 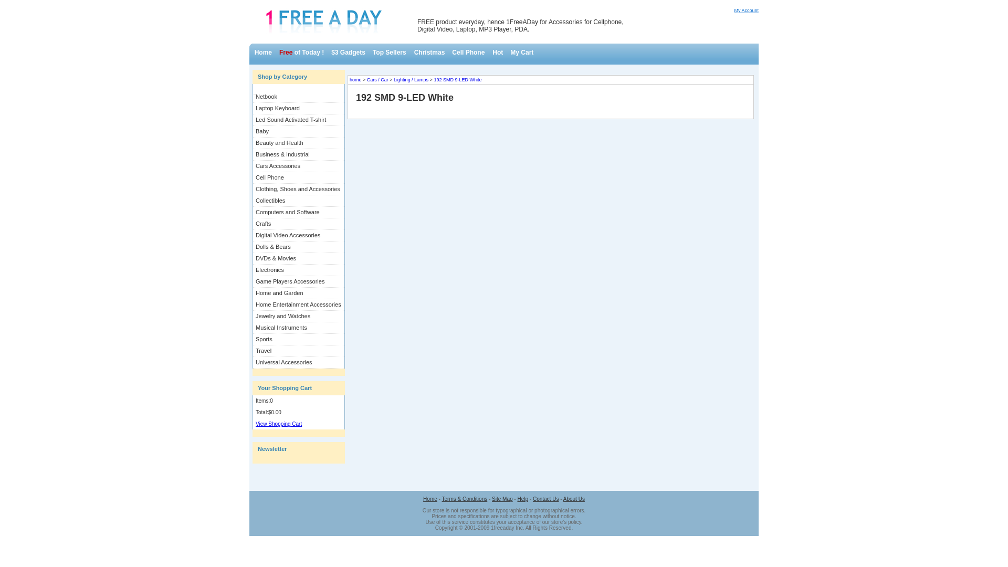 I want to click on 'Led Sound Activated T-shirt', so click(x=255, y=119).